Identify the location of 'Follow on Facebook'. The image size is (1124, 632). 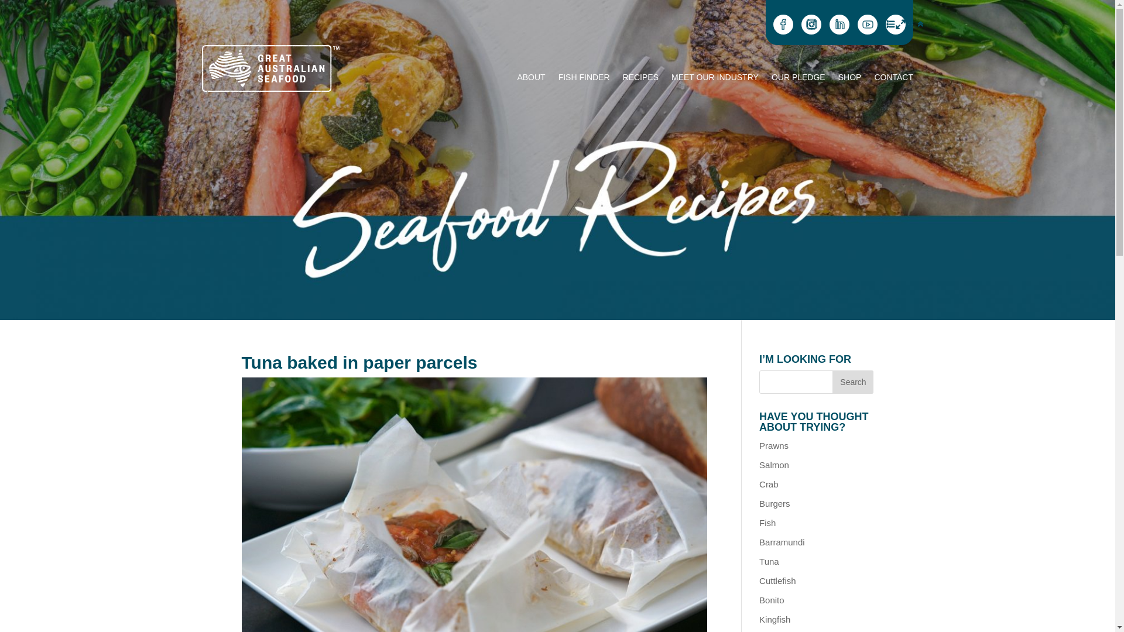
(783, 25).